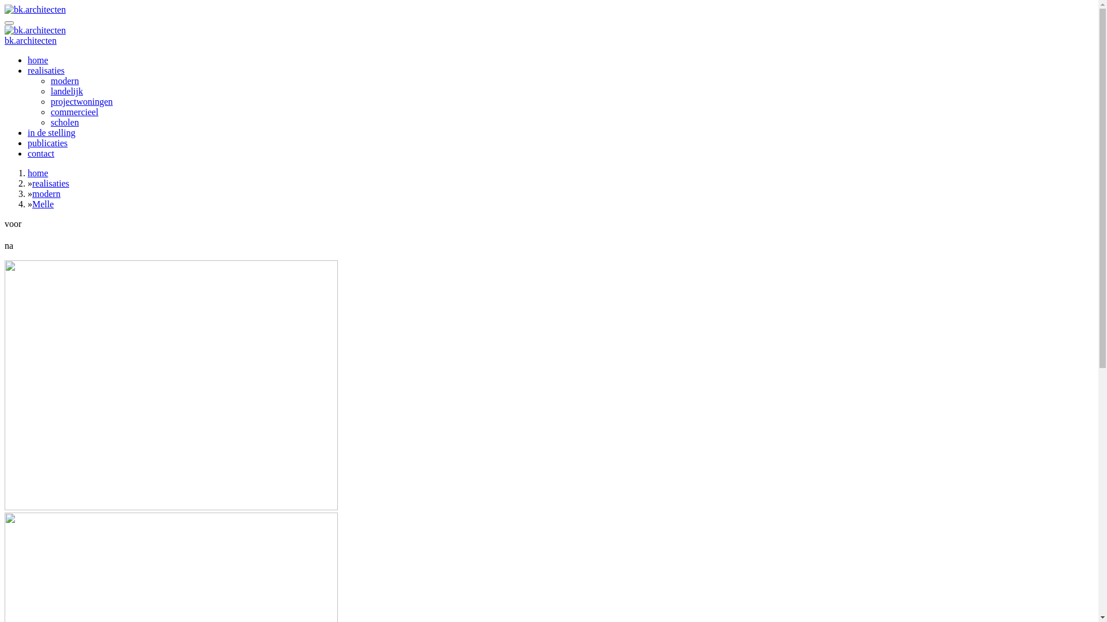  I want to click on 'bk.architecten', so click(35, 30).